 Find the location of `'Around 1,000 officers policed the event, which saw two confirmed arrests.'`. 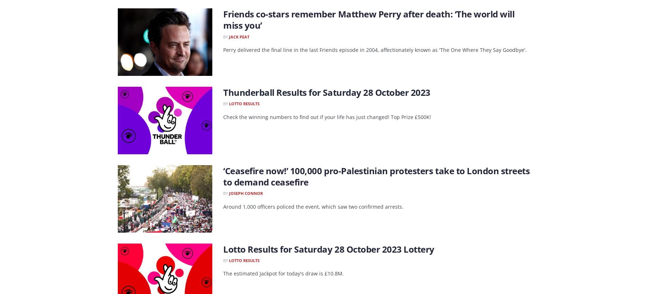

'Around 1,000 officers policed the event, which saw two confirmed arrests.' is located at coordinates (223, 206).